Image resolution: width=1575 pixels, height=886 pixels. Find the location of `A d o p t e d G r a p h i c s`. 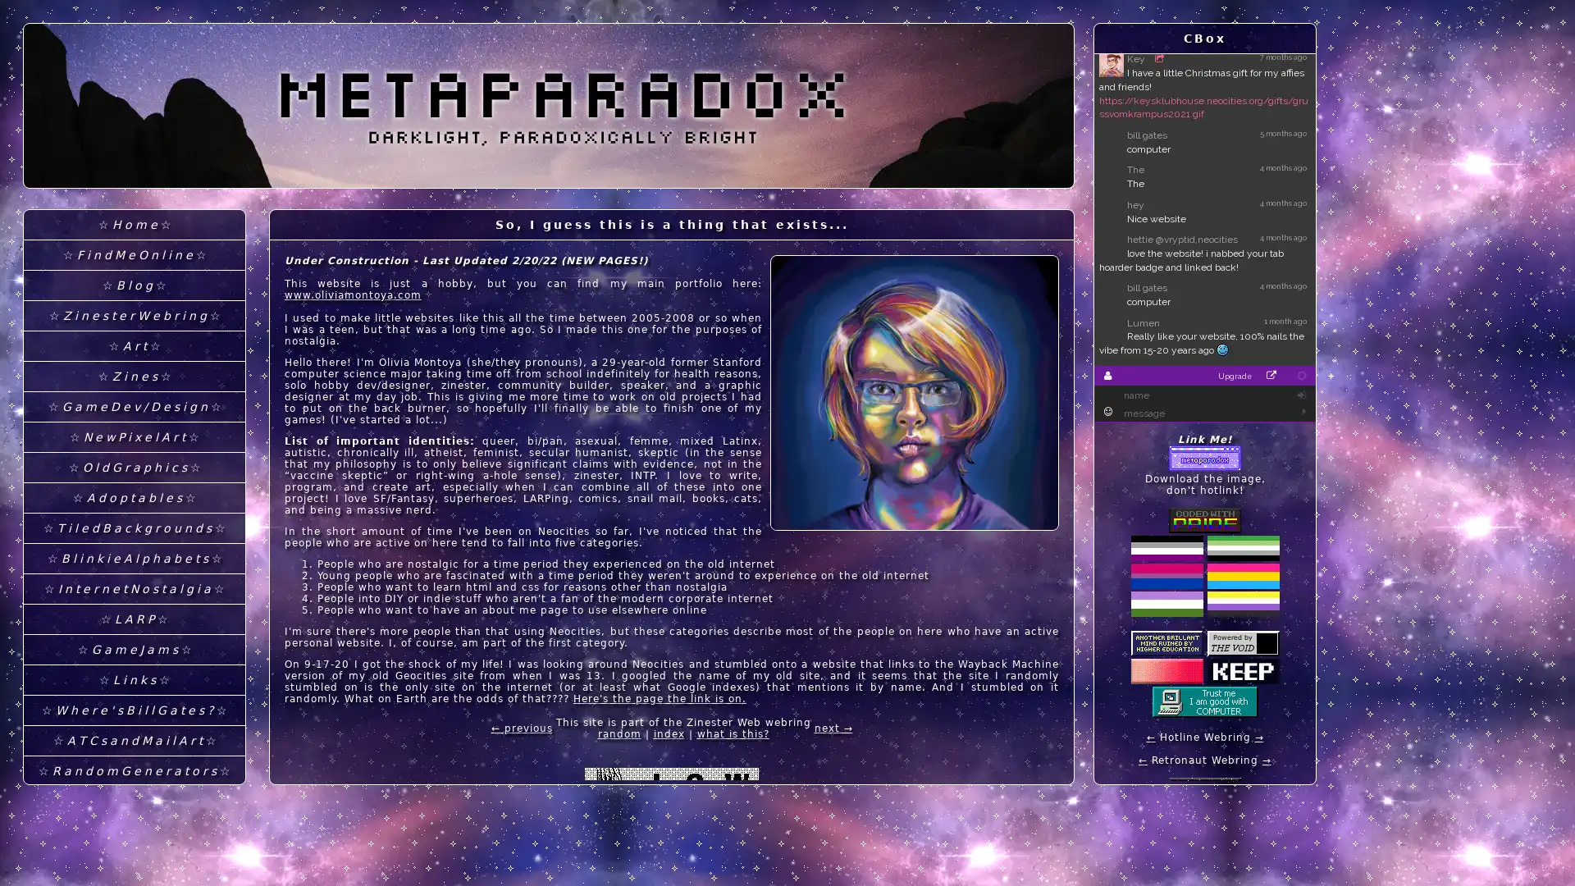

A d o p t e d G r a p h i c s is located at coordinates (134, 832).